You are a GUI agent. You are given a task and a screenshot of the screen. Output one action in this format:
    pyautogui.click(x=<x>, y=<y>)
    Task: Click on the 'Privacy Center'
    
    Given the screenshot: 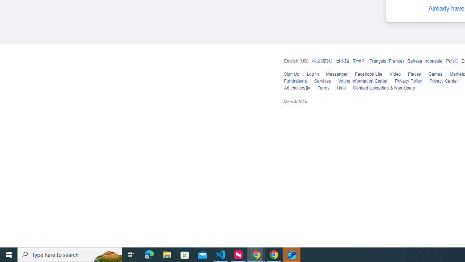 What is the action you would take?
    pyautogui.click(x=443, y=81)
    